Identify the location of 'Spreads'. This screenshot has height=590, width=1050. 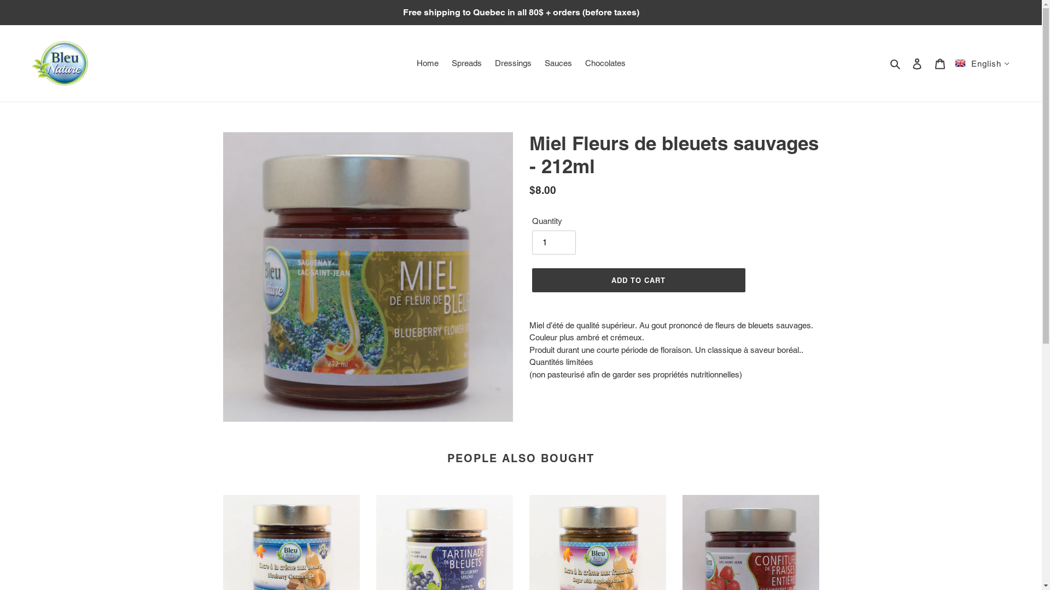
(466, 63).